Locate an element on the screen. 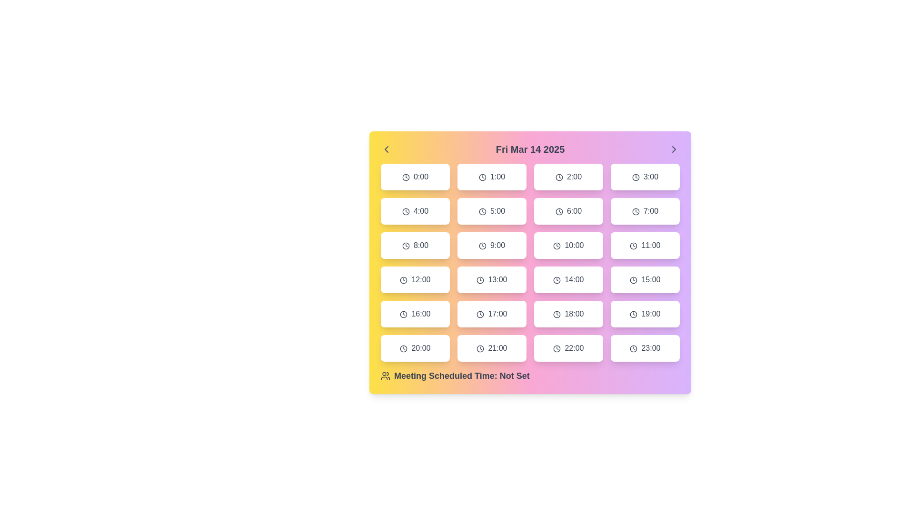 The image size is (914, 514). the selectable time slot button for '21:00' is located at coordinates (492, 348).